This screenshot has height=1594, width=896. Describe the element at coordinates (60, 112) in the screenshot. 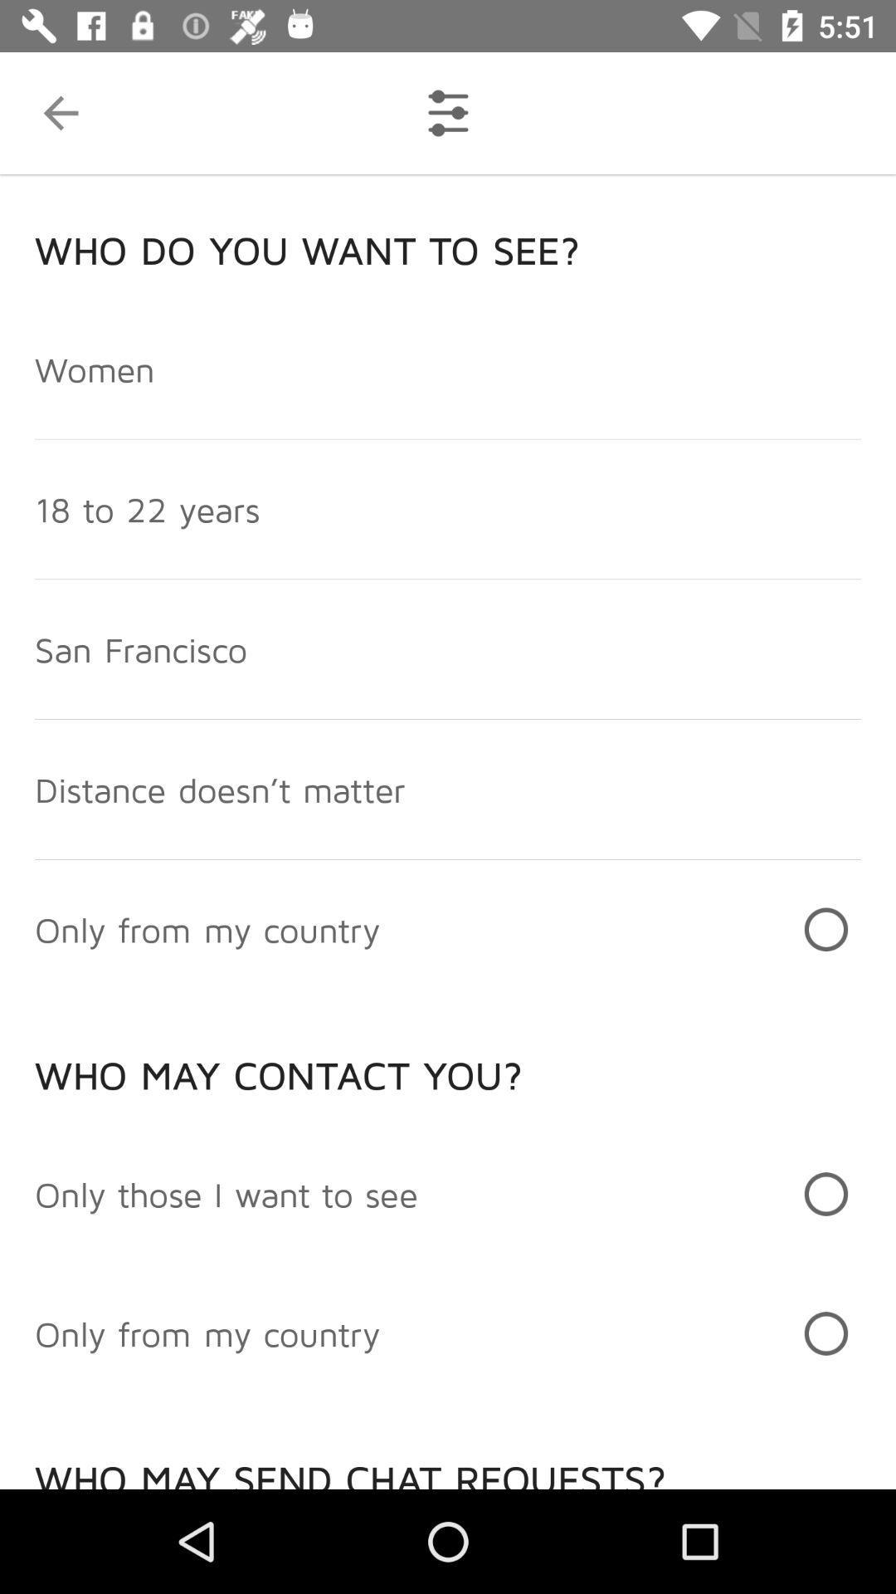

I see `the icon above the who do you icon` at that location.